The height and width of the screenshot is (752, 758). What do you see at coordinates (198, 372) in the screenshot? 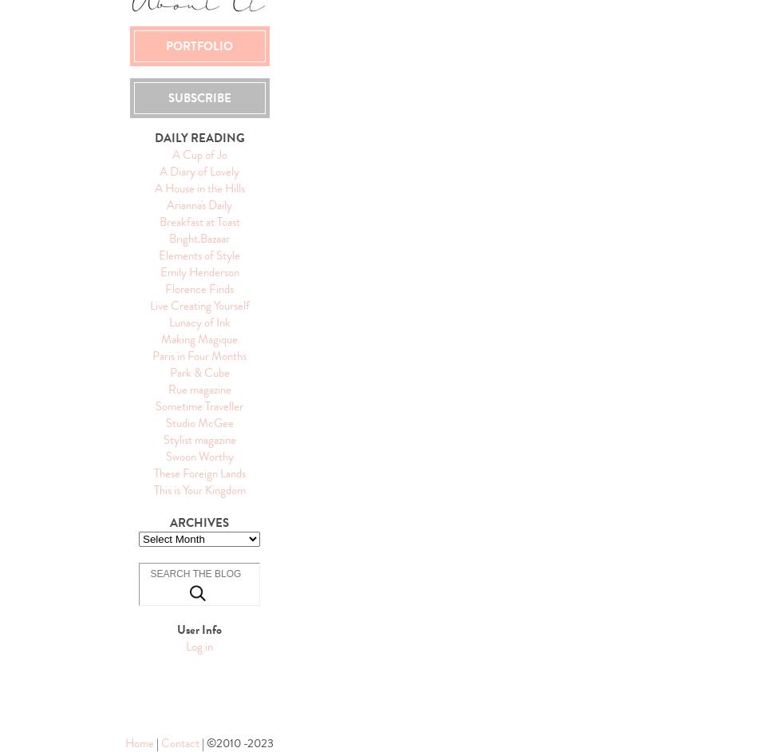
I see `'Park & Cube'` at bounding box center [198, 372].